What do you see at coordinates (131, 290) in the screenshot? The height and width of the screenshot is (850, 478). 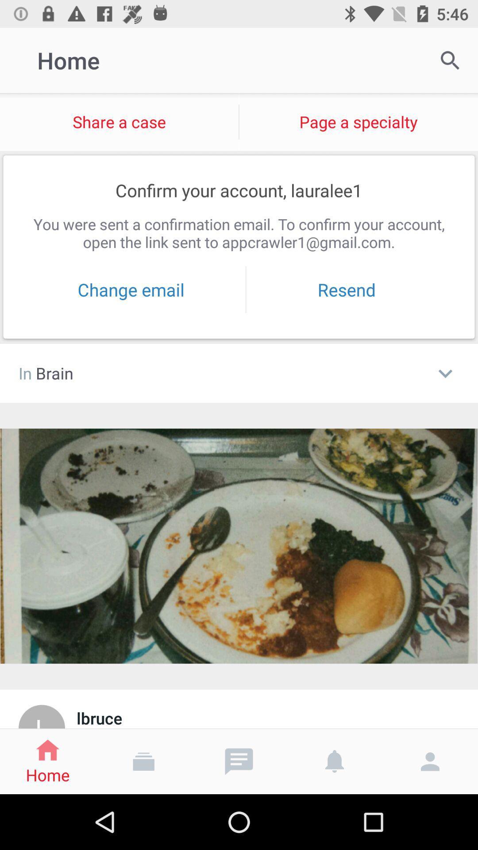 I see `the change email on the left` at bounding box center [131, 290].